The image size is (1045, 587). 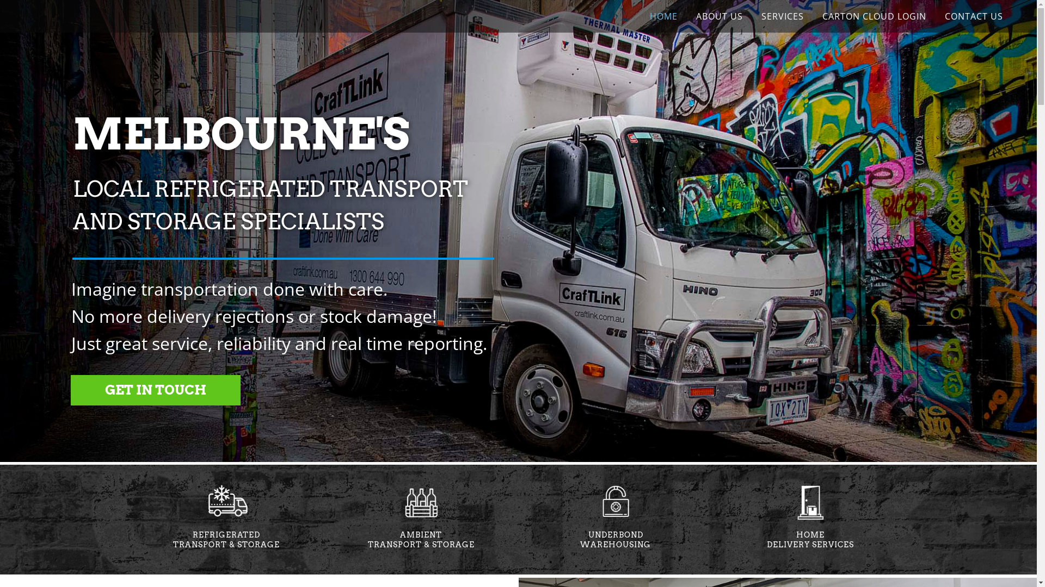 I want to click on 'refrigerated transport icon', so click(x=226, y=503).